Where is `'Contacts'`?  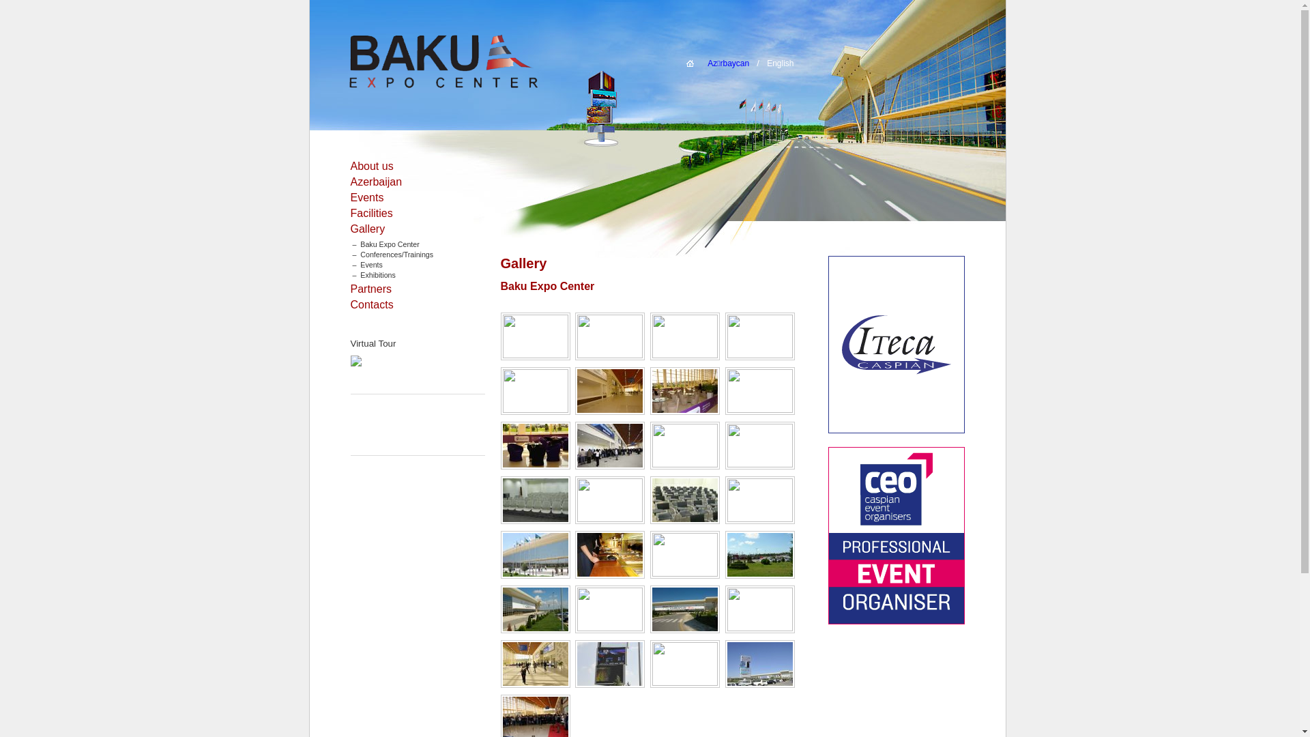 'Contacts' is located at coordinates (372, 304).